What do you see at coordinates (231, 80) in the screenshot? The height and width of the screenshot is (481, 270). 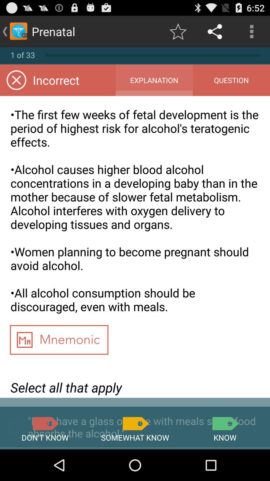 I see `the question` at bounding box center [231, 80].